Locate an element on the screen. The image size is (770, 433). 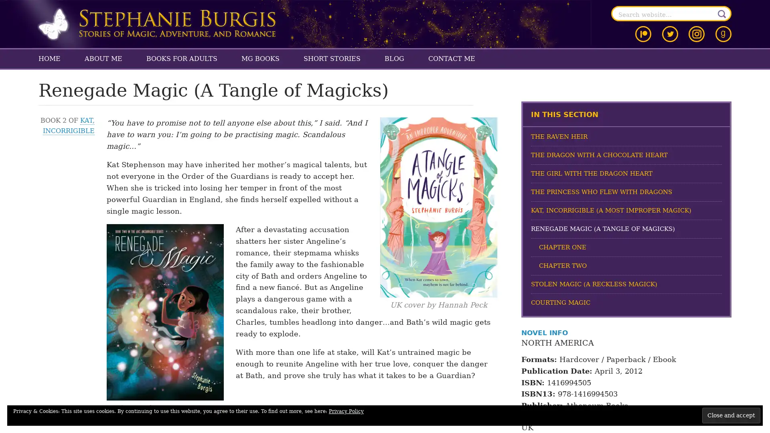
Search is located at coordinates (722, 14).